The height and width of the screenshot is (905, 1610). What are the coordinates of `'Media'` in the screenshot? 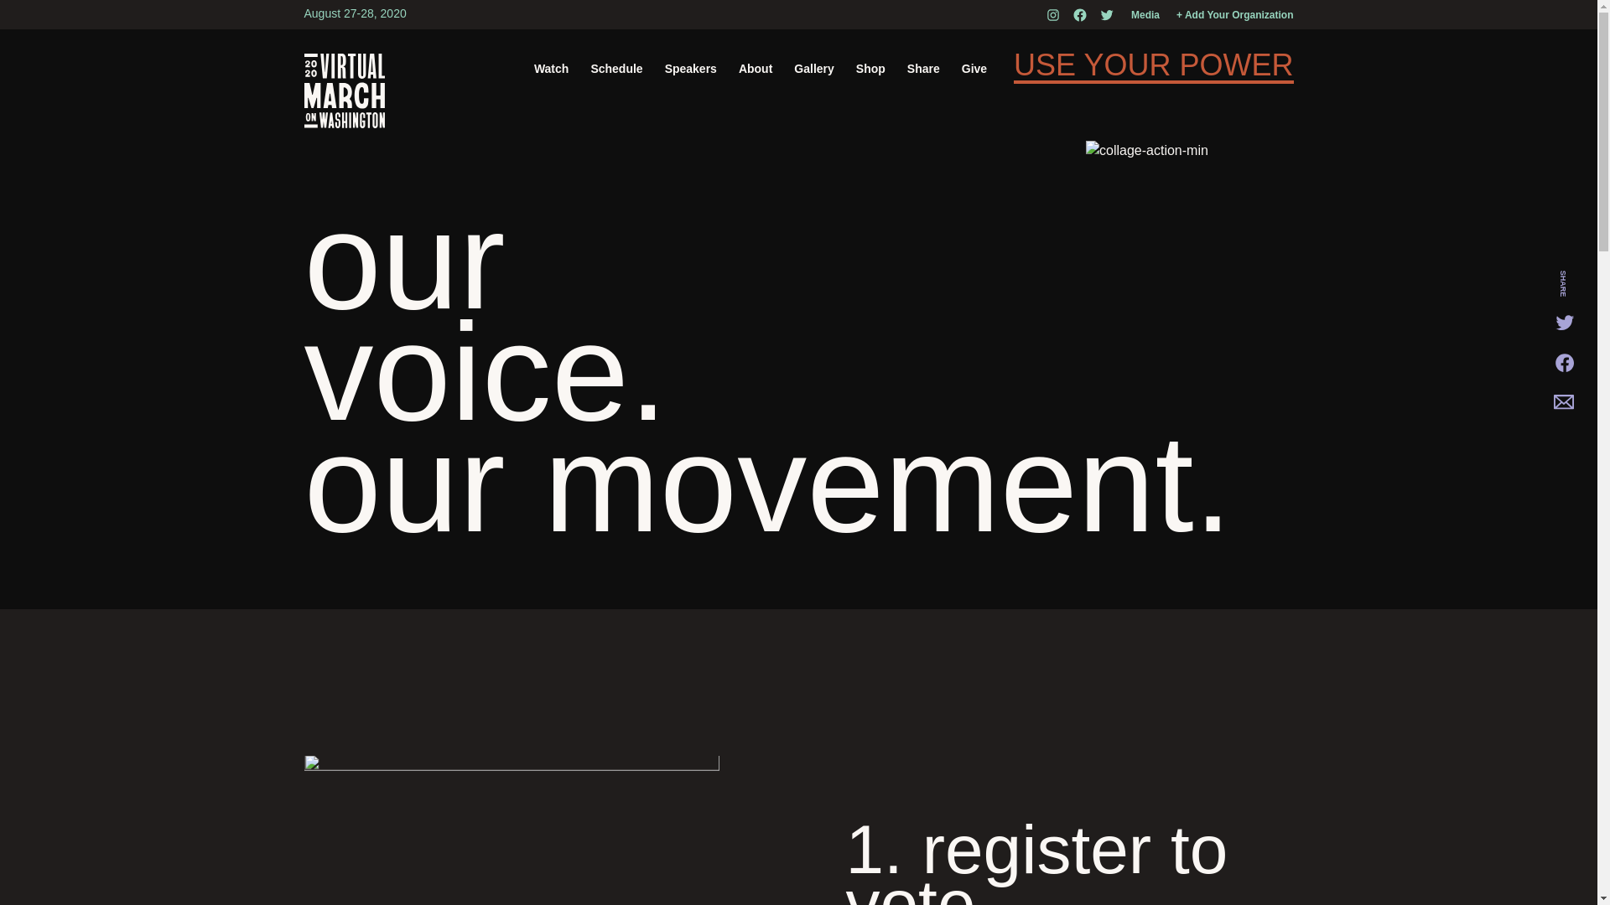 It's located at (1145, 15).